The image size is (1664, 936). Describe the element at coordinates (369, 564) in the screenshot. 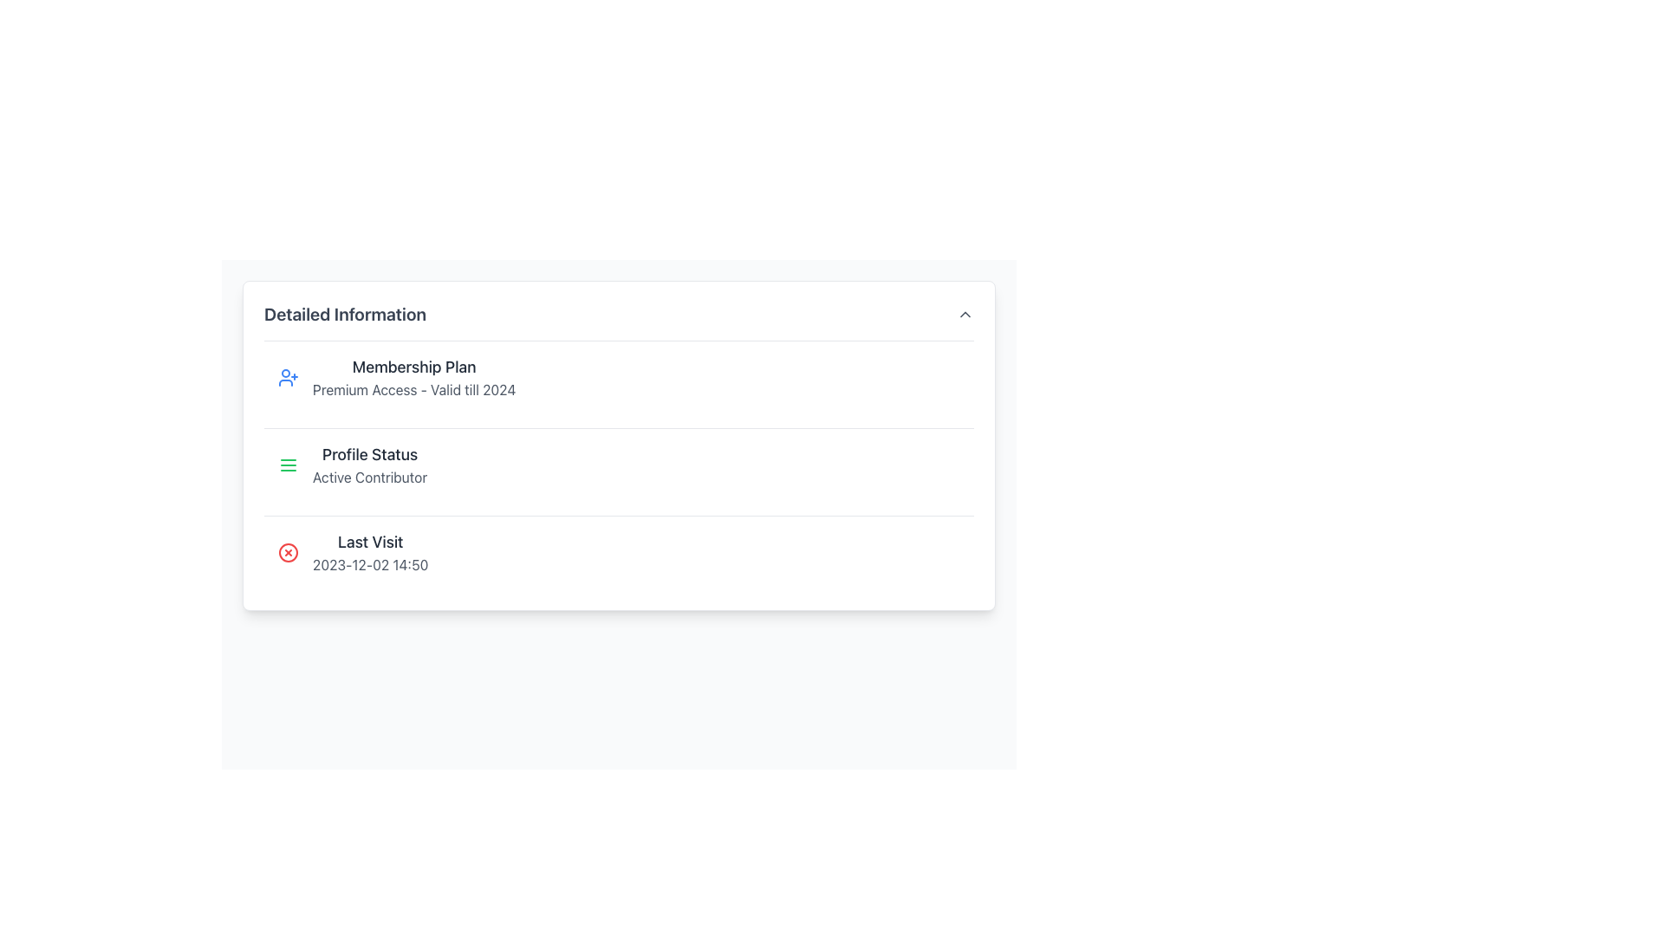

I see `the text label displaying '2023-12-02 14:50' in the 'Detailed Information' section, which is aligned to the right of the 'Last Visit' label` at that location.